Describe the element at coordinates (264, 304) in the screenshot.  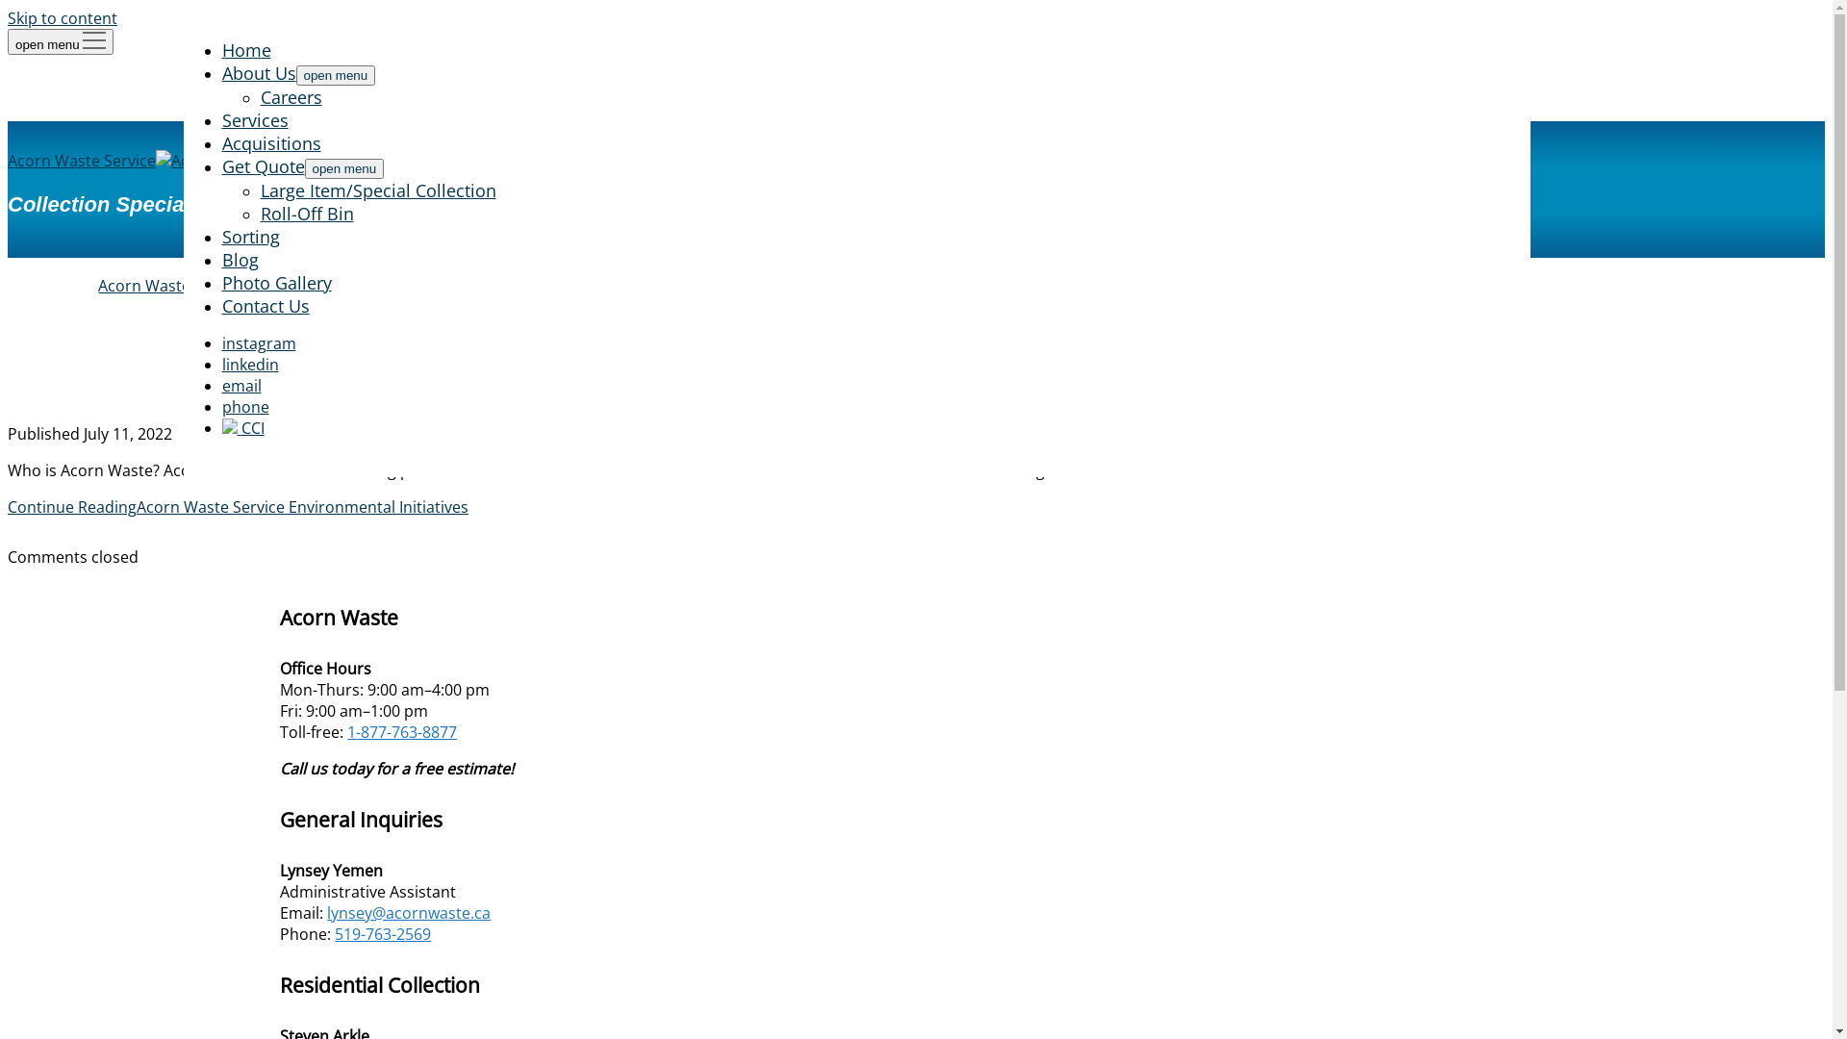
I see `'Contact Us'` at that location.